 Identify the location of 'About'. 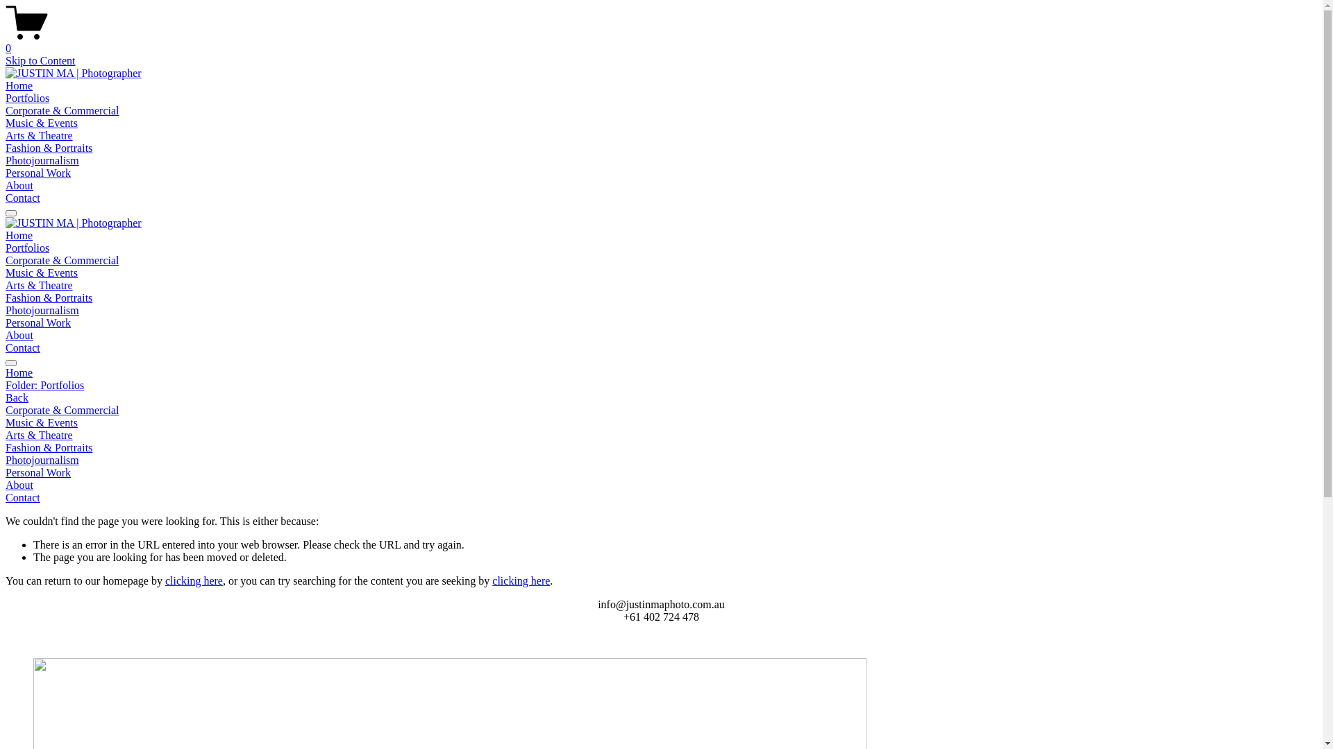
(19, 335).